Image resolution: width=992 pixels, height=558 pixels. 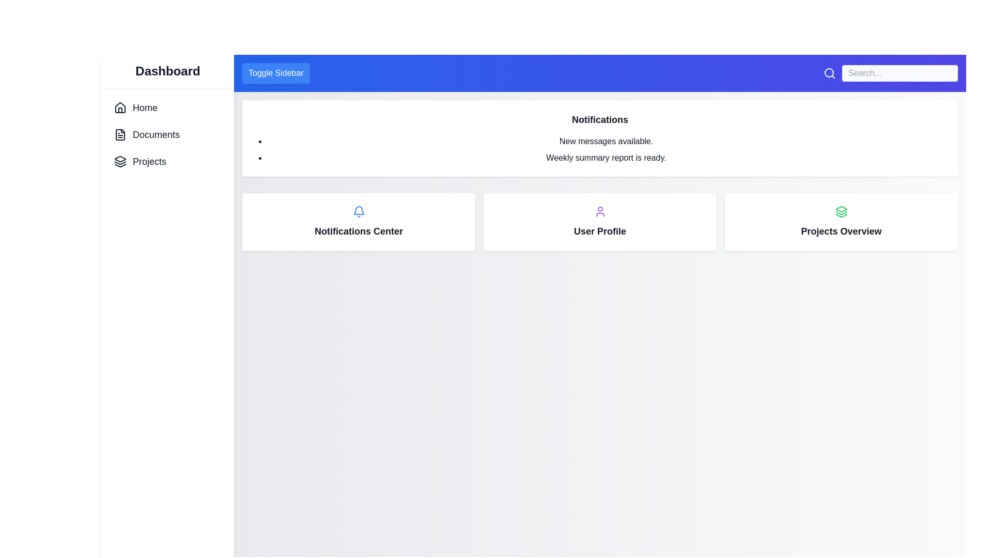 What do you see at coordinates (606, 141) in the screenshot?
I see `the static text indicating new messages, which is positioned at the top-center of the notifications list` at bounding box center [606, 141].